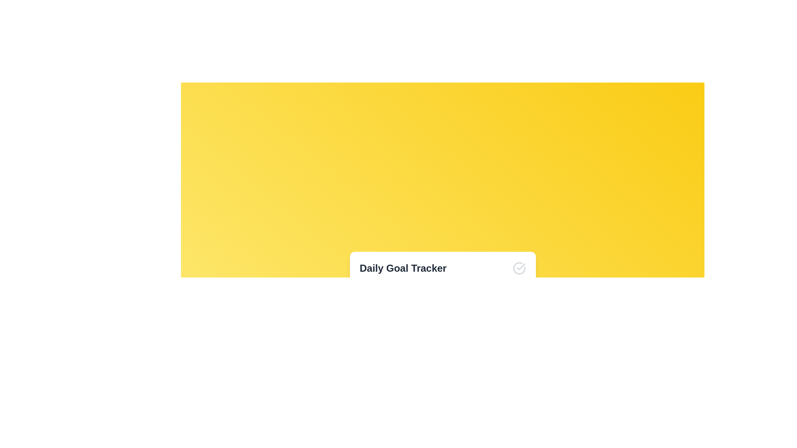 This screenshot has width=797, height=448. What do you see at coordinates (518, 268) in the screenshot?
I see `circular checkmark icon, which indicates completion, located to the right of the 'Daily Goal Tracker' text` at bounding box center [518, 268].